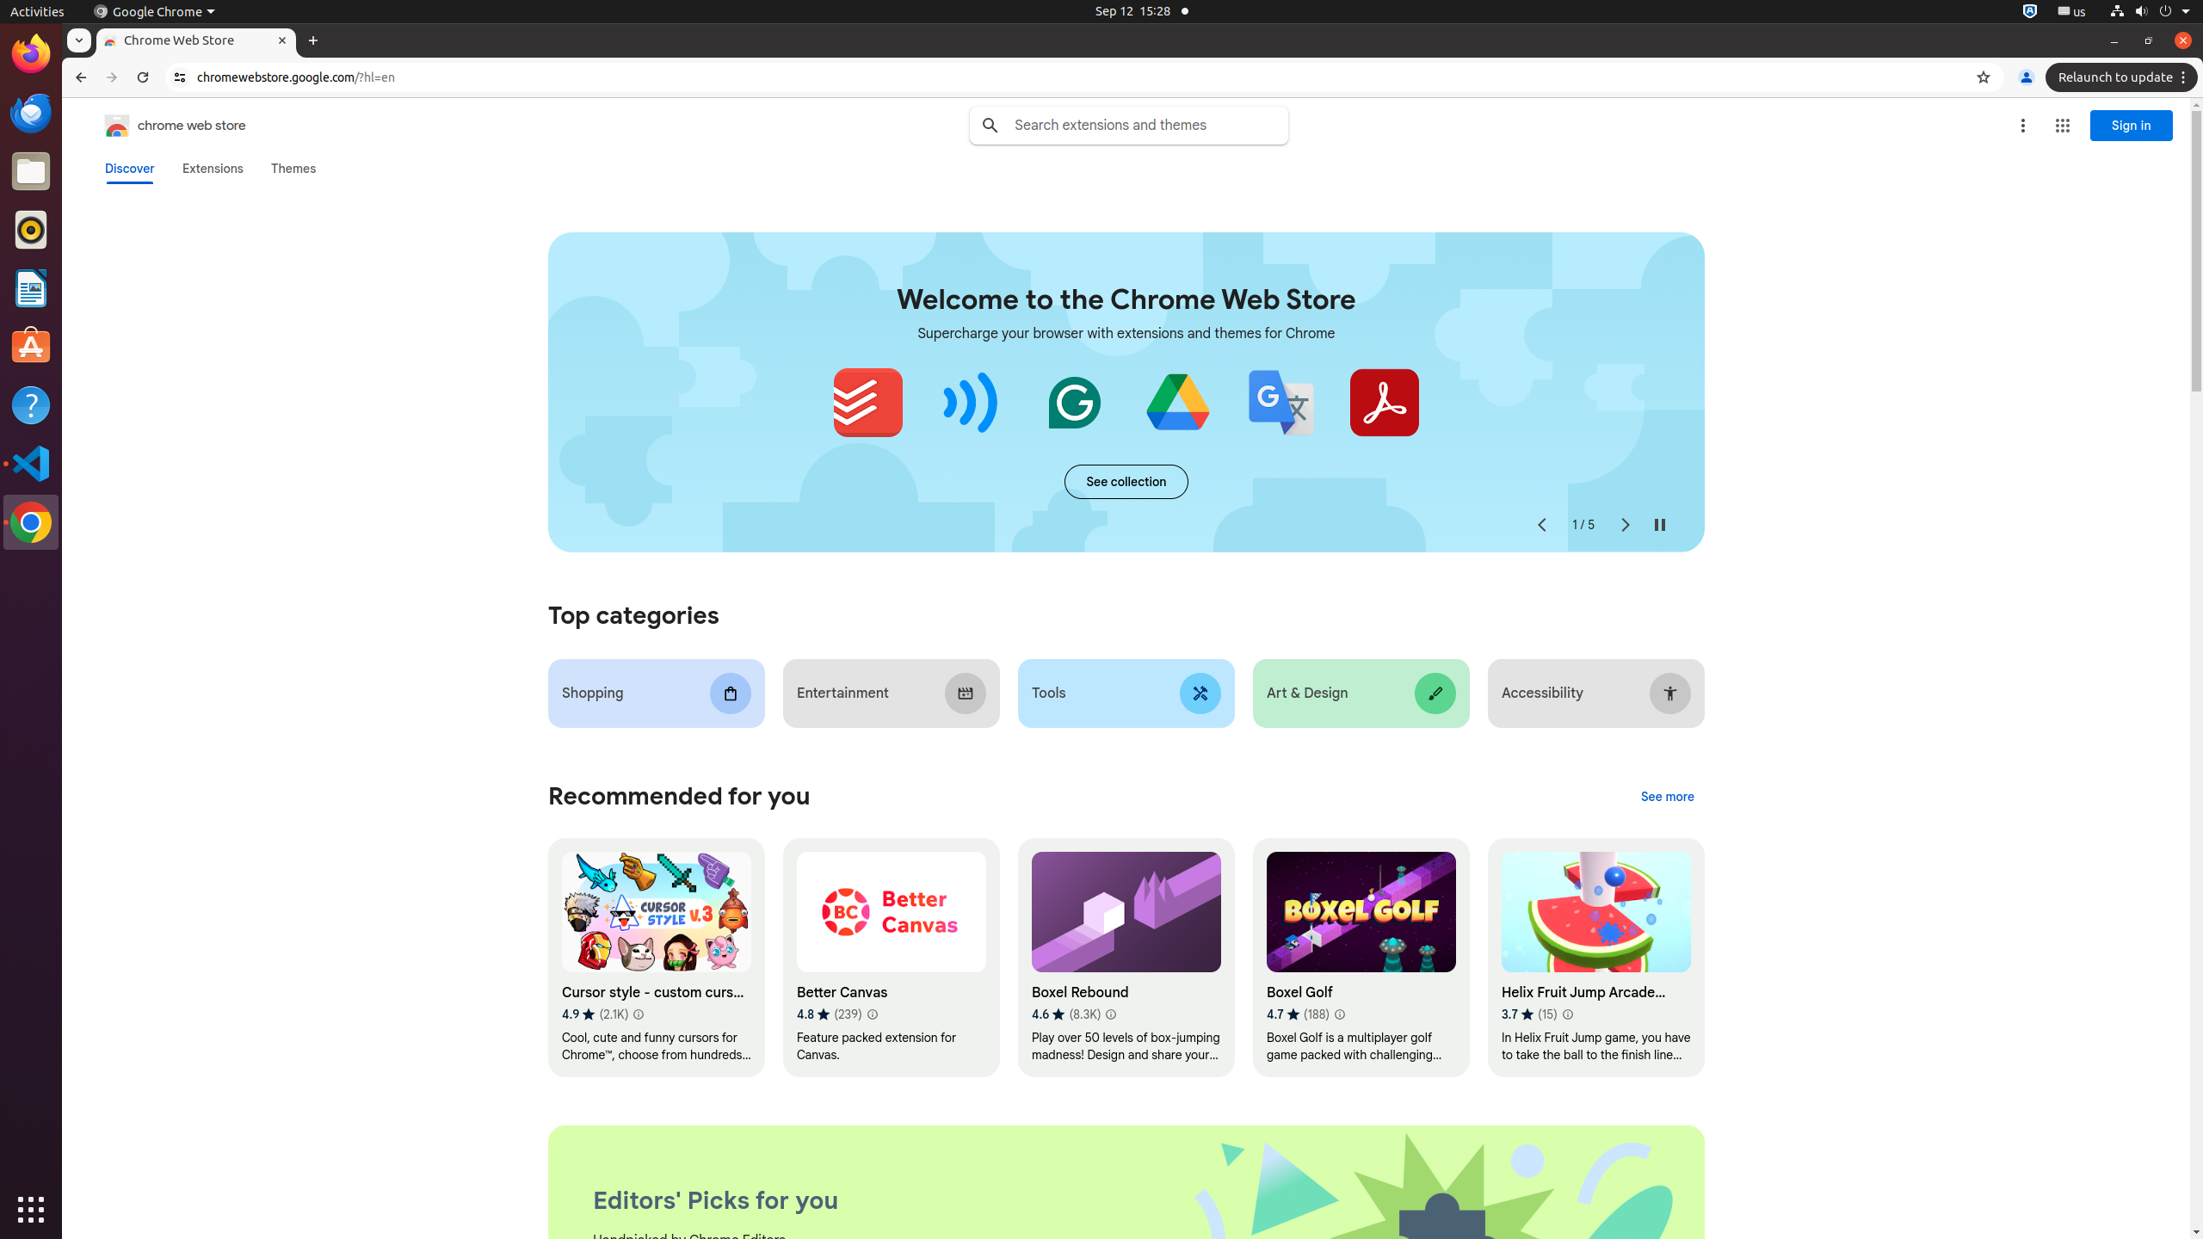  Describe the element at coordinates (129, 168) in the screenshot. I see `'Discover'` at that location.